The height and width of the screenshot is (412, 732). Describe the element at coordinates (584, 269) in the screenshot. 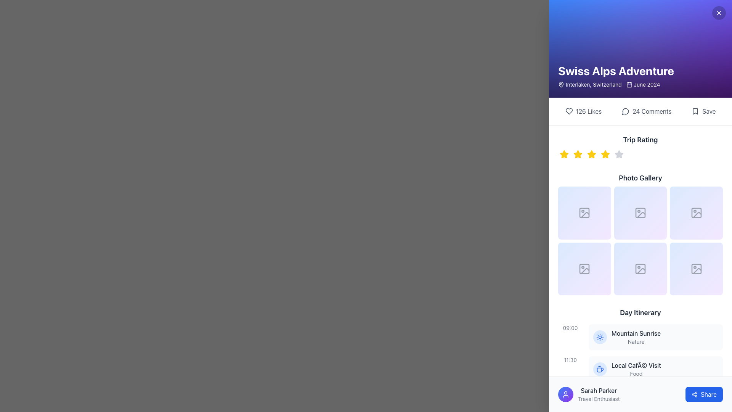

I see `the interactive icon or image placeholder located at the center of the second row in the photo gallery grid, which is the fourth element in reading order` at that location.